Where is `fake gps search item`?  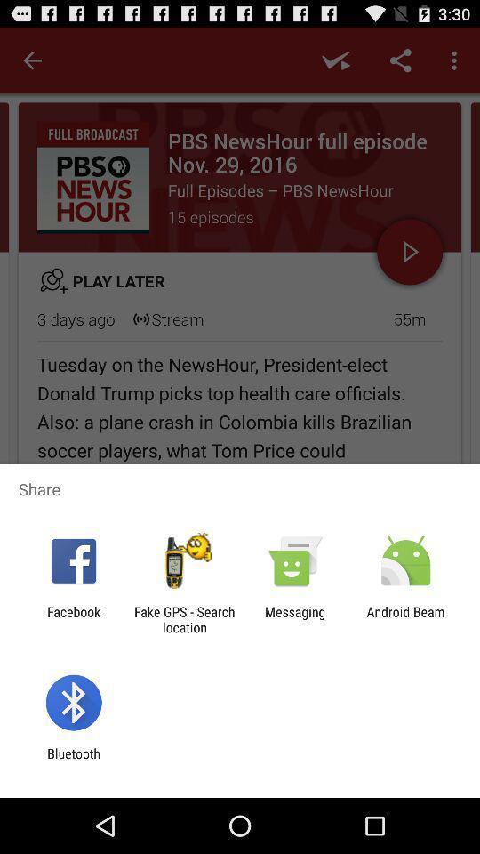 fake gps search item is located at coordinates (183, 619).